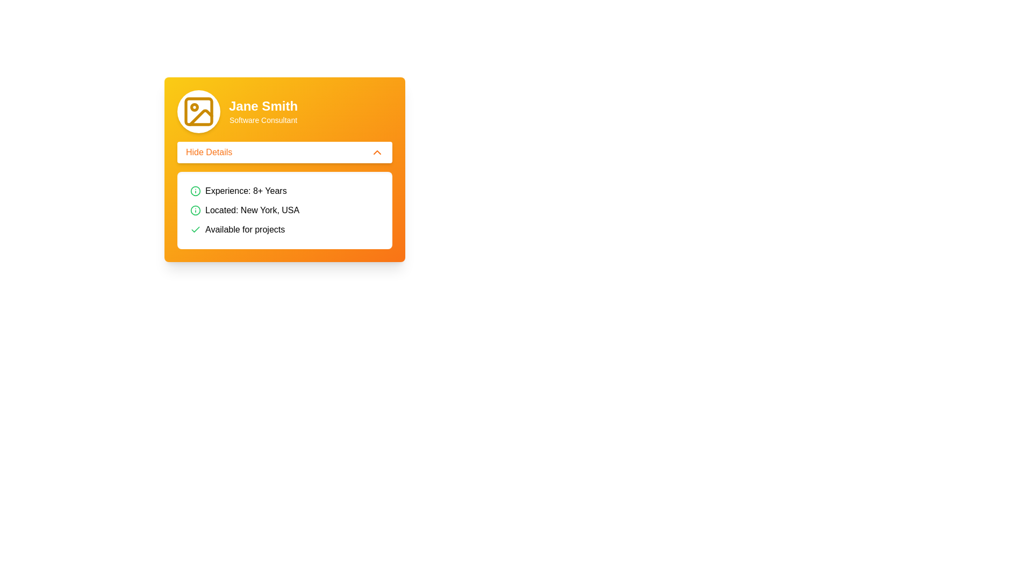 This screenshot has width=1032, height=580. Describe the element at coordinates (284, 153) in the screenshot. I see `the toggle button located in the middle section of the card, just below the user title 'Jane Smith Software Consultant'` at that location.